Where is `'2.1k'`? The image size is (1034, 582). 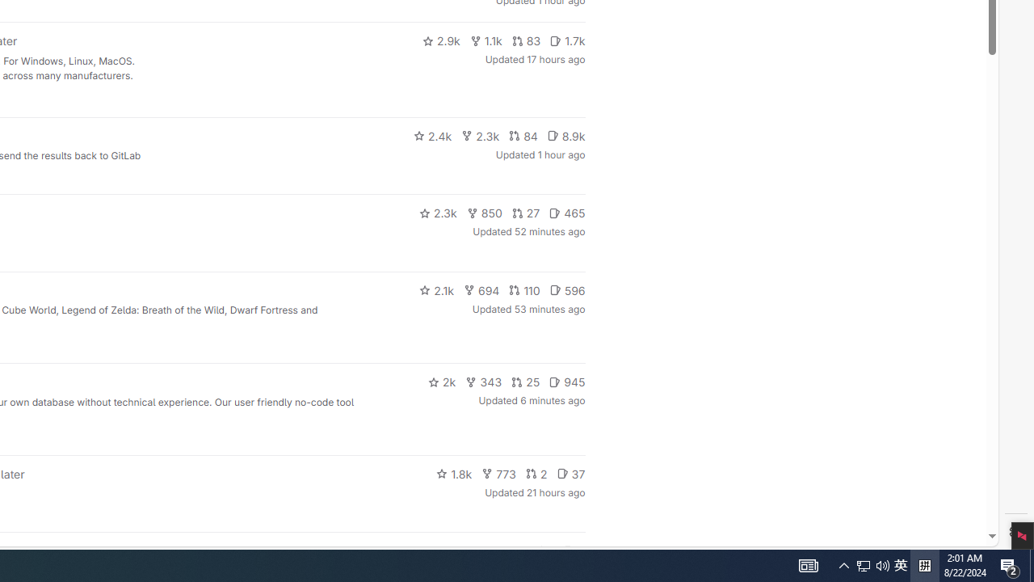 '2.1k' is located at coordinates (436, 289).